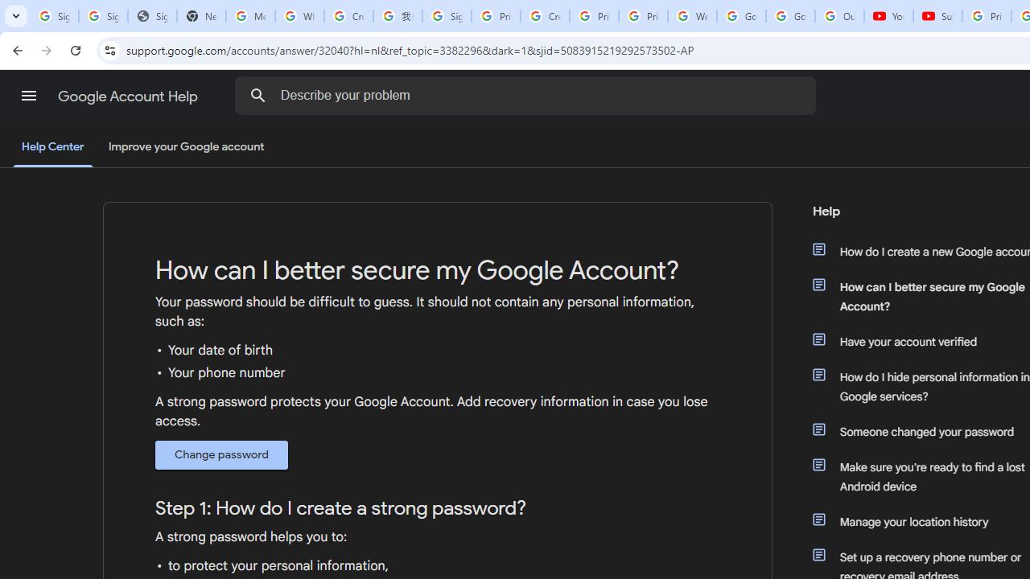 This screenshot has width=1030, height=579. I want to click on 'New Tab', so click(200, 16).